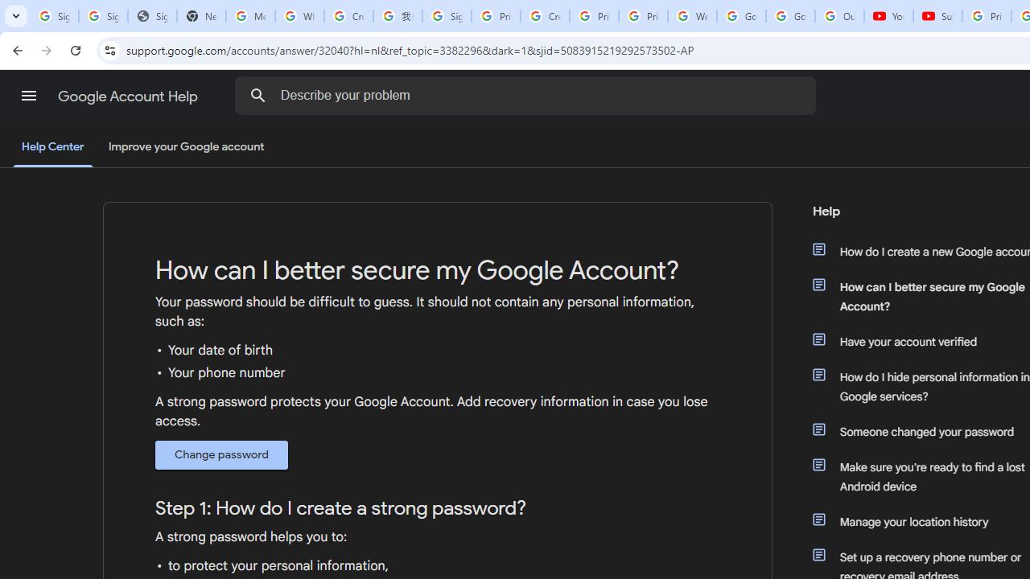 This screenshot has width=1030, height=579. I want to click on 'New Tab', so click(200, 16).